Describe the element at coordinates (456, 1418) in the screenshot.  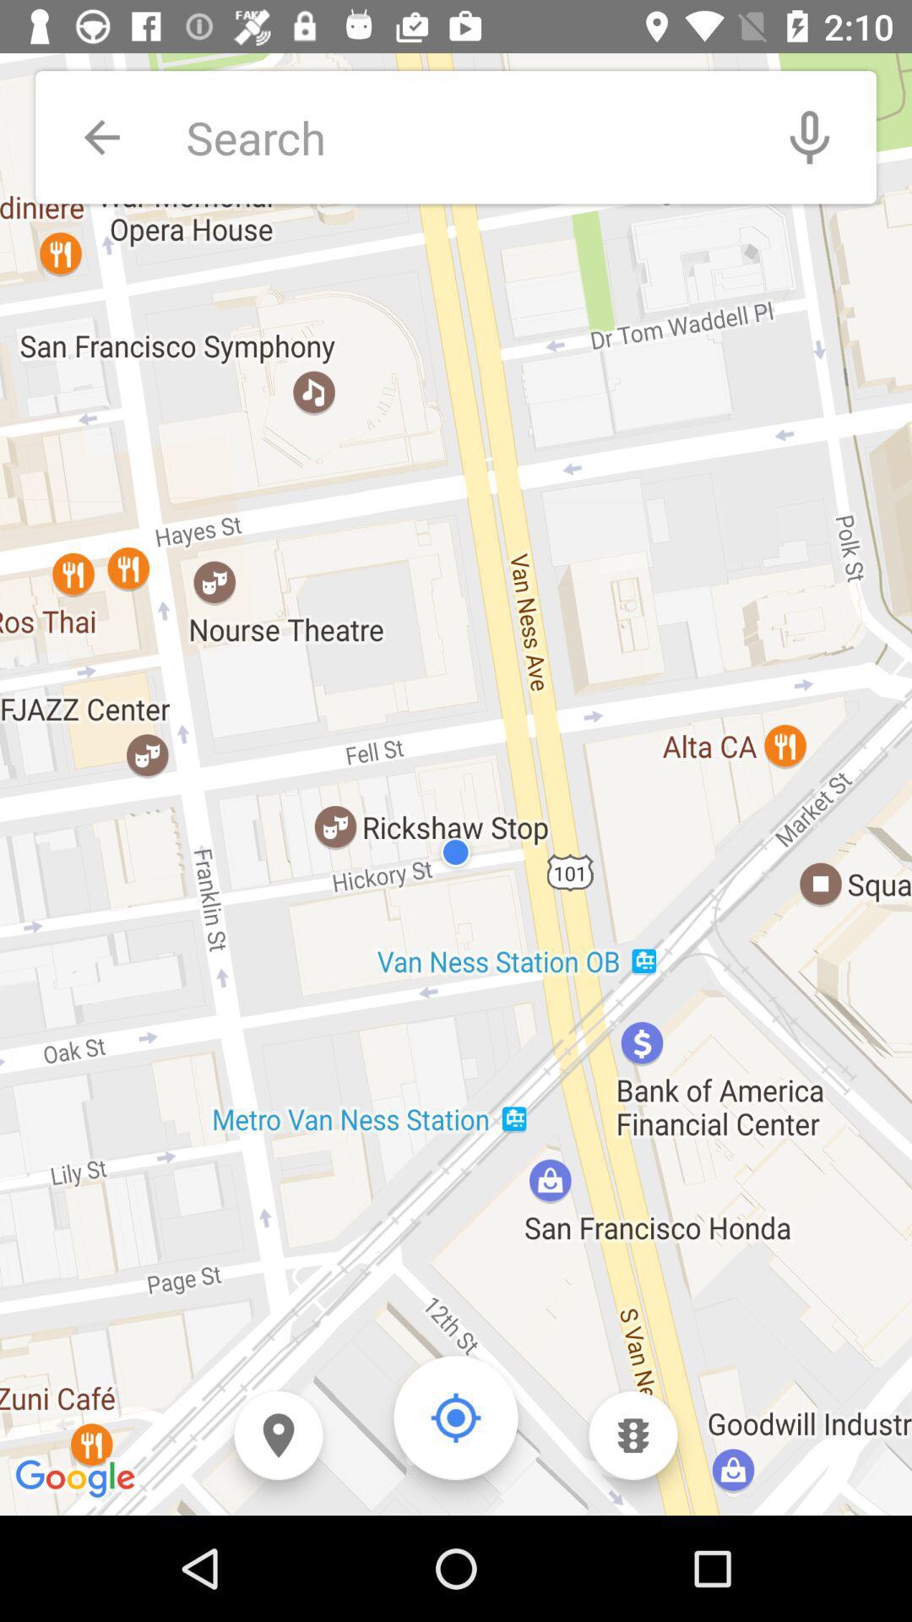
I see `the location_crosshair icon` at that location.